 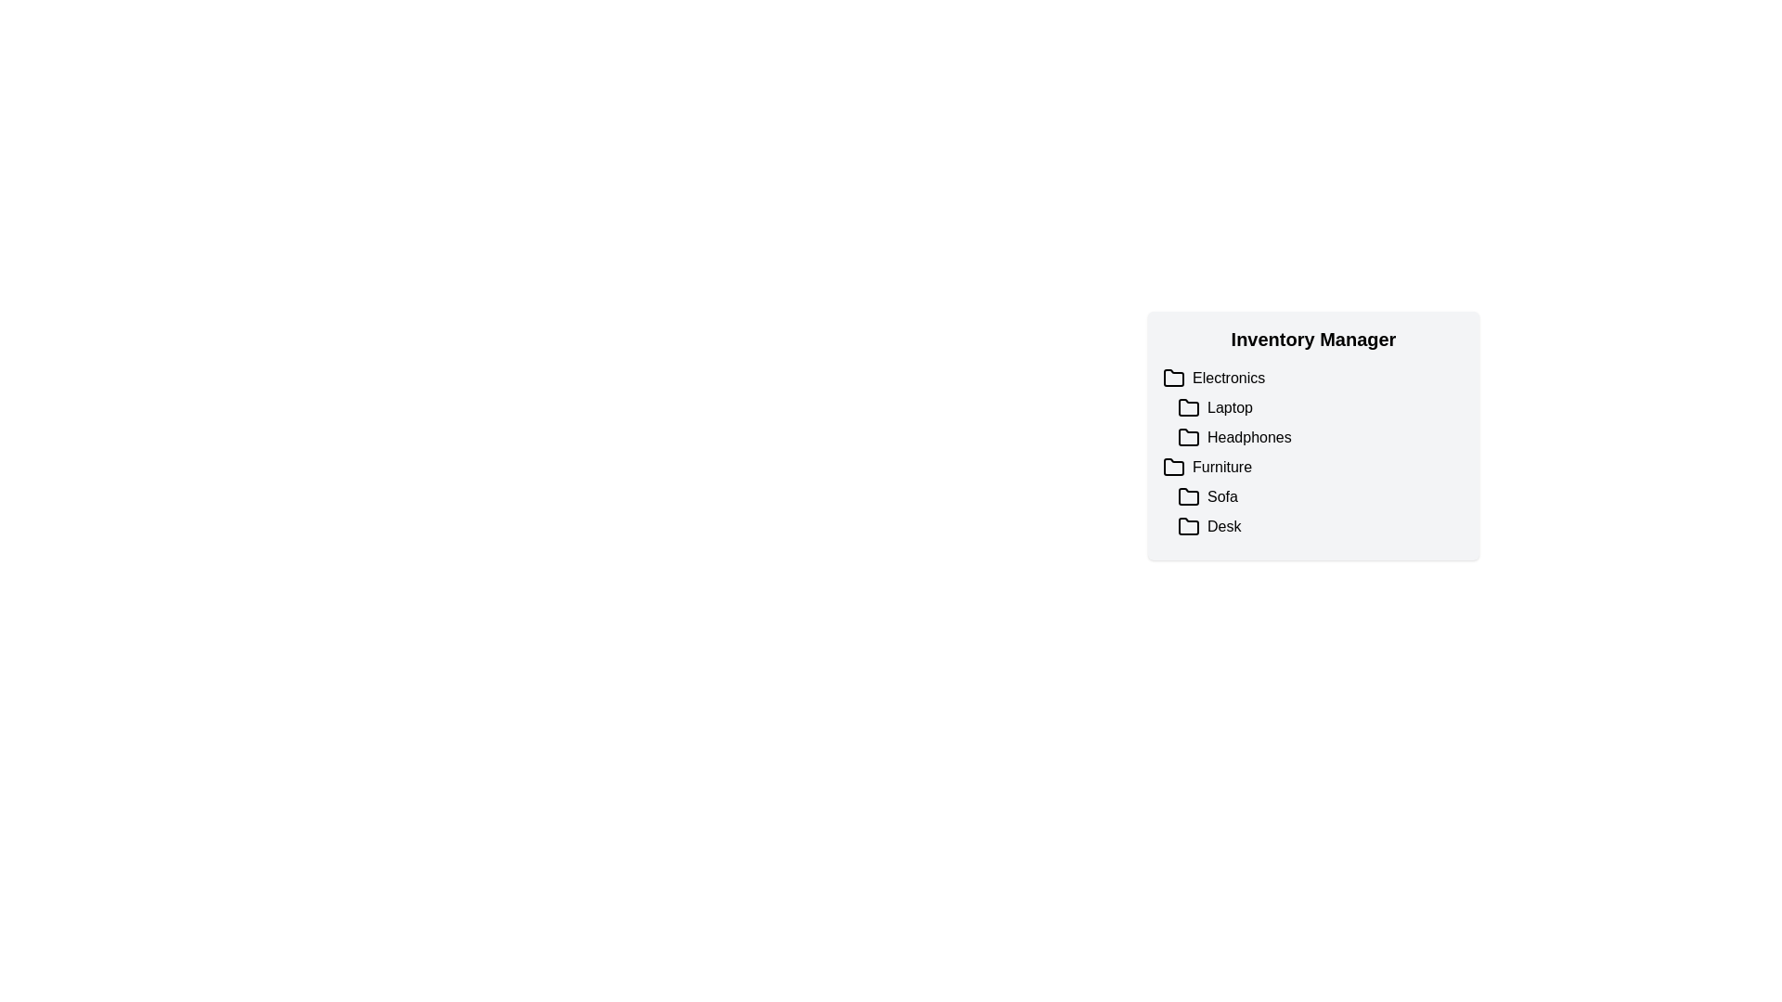 What do you see at coordinates (1189, 526) in the screenshot?
I see `the folder icon associated with the label 'Desk' in the directory list` at bounding box center [1189, 526].